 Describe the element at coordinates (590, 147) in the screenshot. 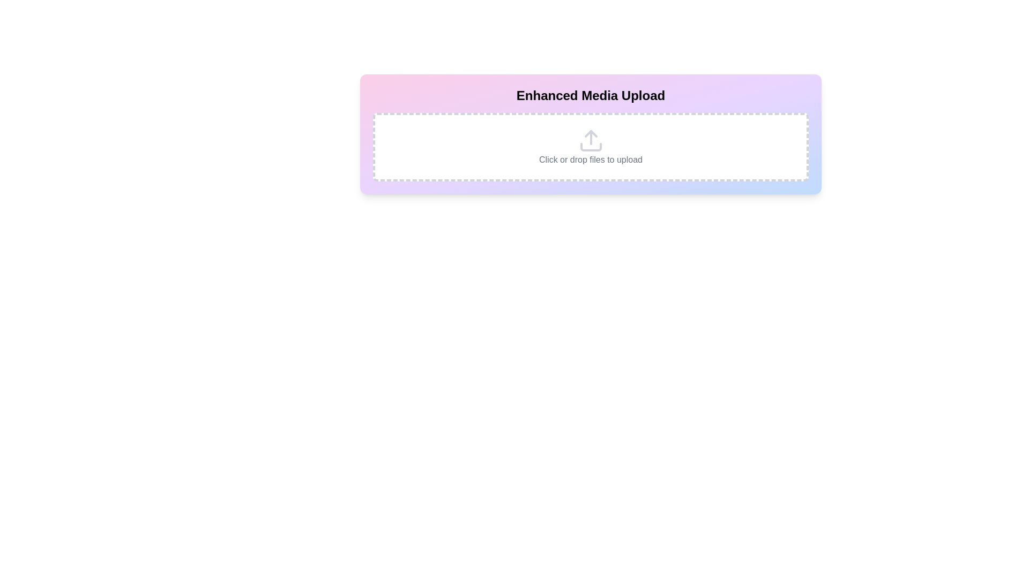

I see `the interactive dropzone component with a dashed border and the text 'Click or drop files to upload'` at that location.